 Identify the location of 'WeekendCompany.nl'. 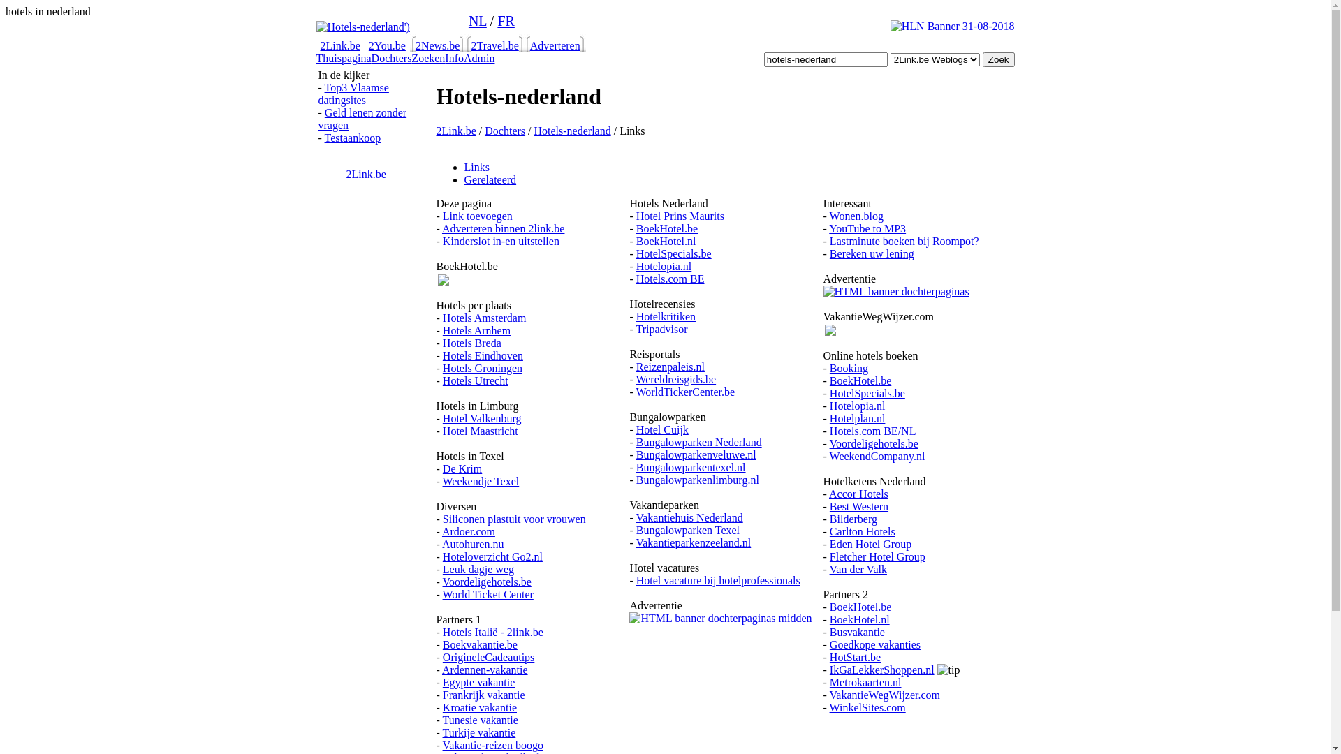
(877, 456).